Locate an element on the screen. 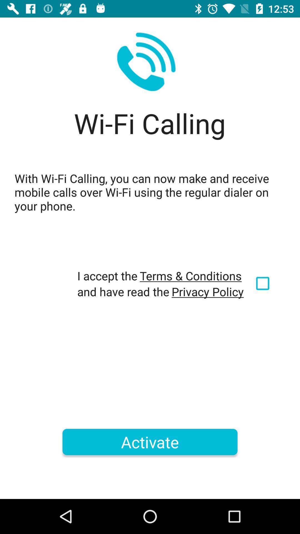  the icon to the right of i accept the item is located at coordinates (190, 276).